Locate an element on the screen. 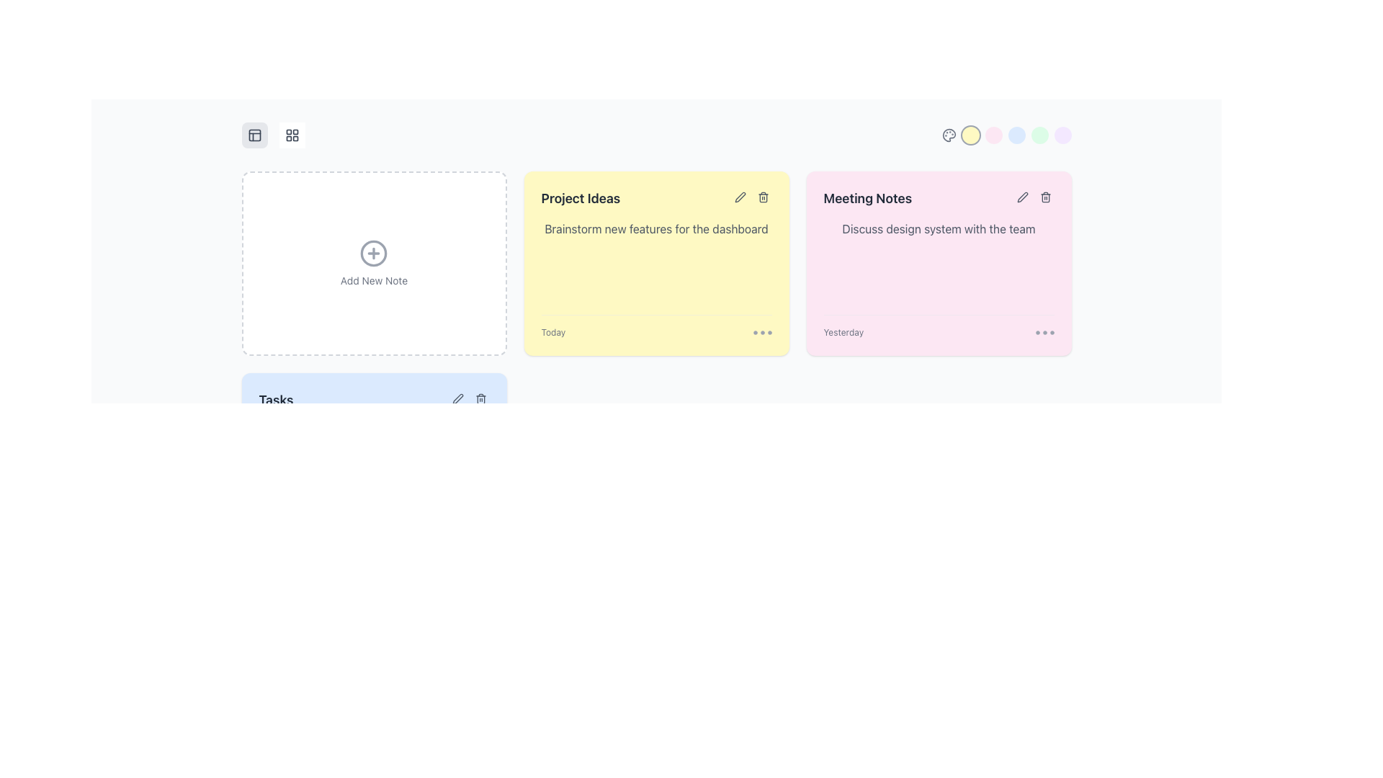 This screenshot has width=1383, height=778. the text label that indicates the functionality of adding a new note, located directly below the circular plus icon in the first panel of the grid arrangement is located at coordinates (374, 280).